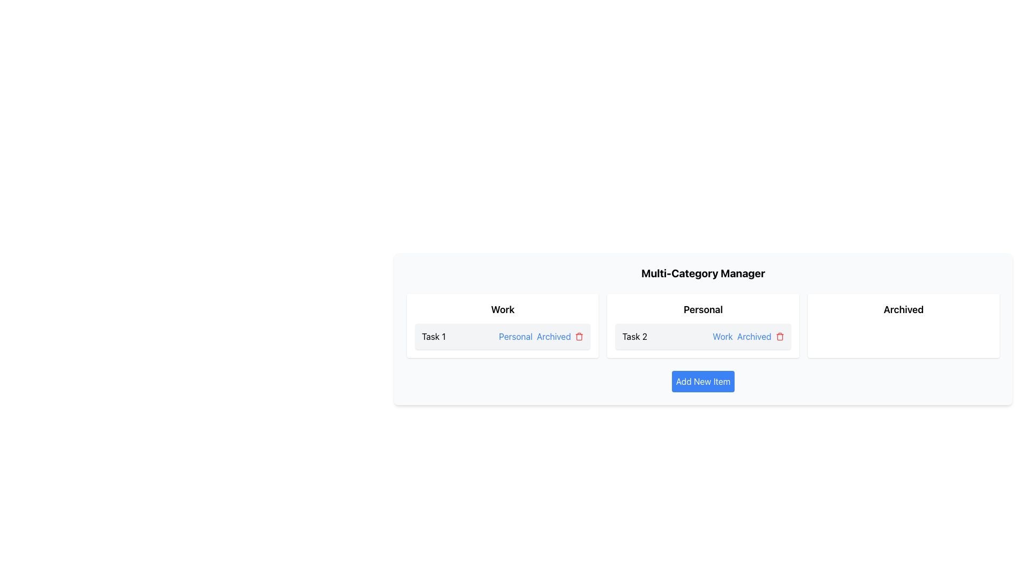 The width and height of the screenshot is (1028, 578). Describe the element at coordinates (753, 336) in the screenshot. I see `the second hyperlink labeled 'Archived', which is styled in blue and underlined when hovered` at that location.